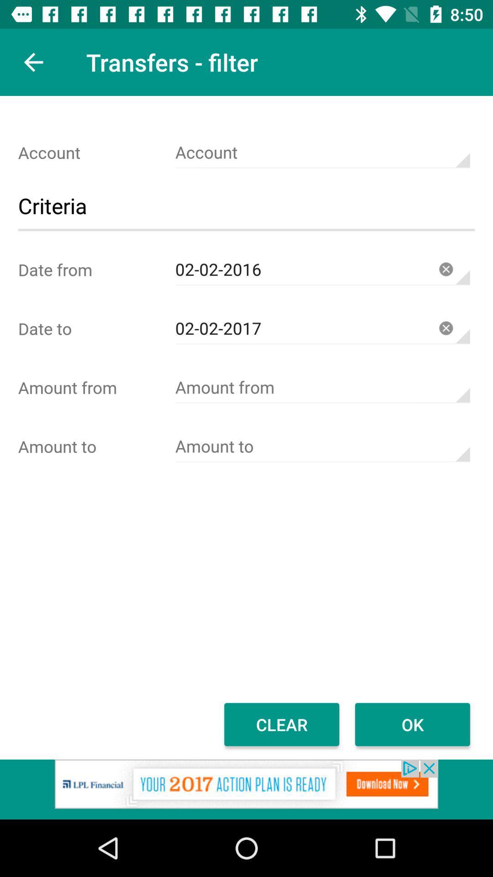 The width and height of the screenshot is (493, 877). Describe the element at coordinates (322, 387) in the screenshot. I see `form field from` at that location.